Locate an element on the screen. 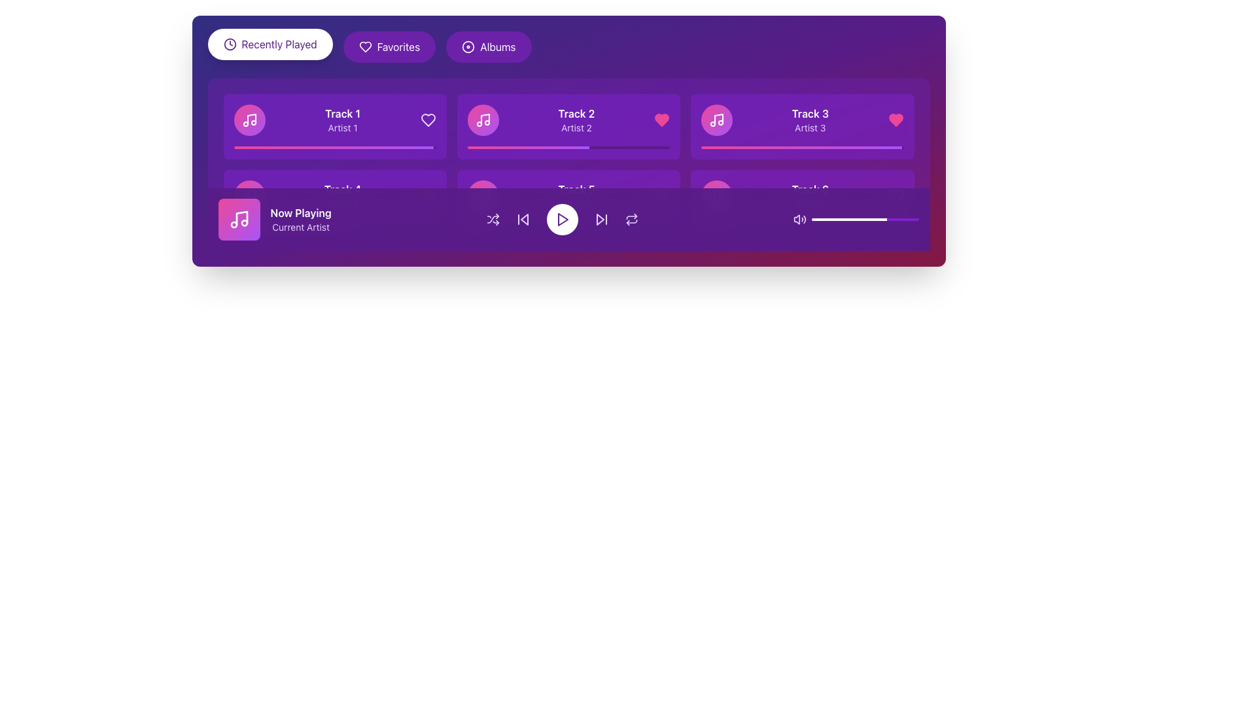 The image size is (1256, 706). the 'back' button, which is a left-pointing triangle icon located in the media control bar at the bottom of the interface is located at coordinates (525, 218).